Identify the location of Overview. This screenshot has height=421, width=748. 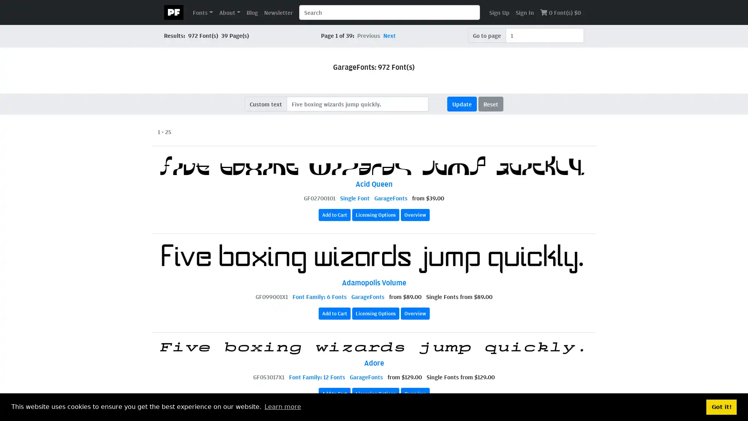
(415, 313).